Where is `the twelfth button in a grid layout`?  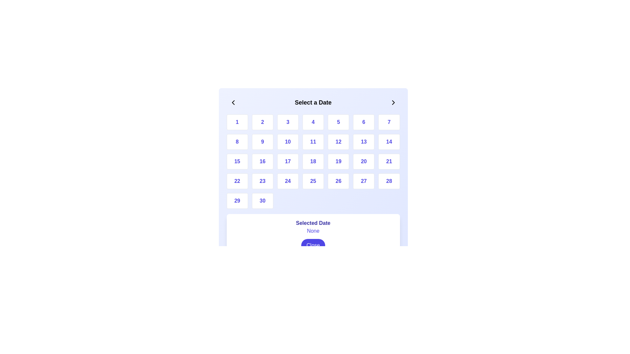
the twelfth button in a grid layout is located at coordinates (338, 141).